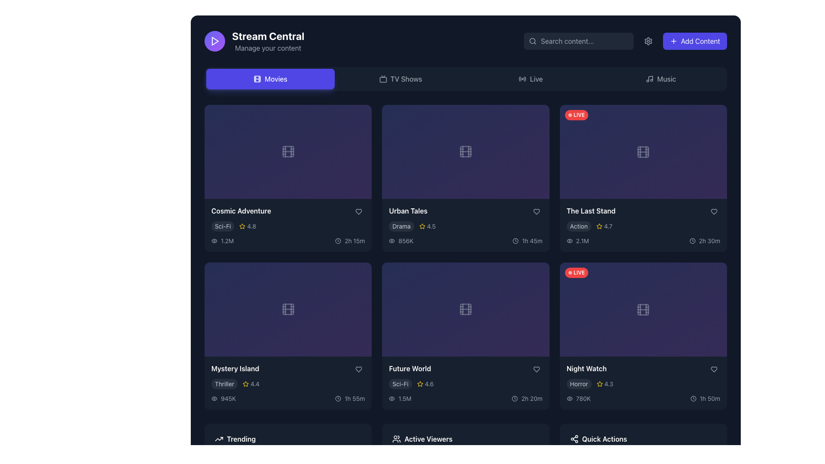 Image resolution: width=825 pixels, height=464 pixels. What do you see at coordinates (714, 369) in the screenshot?
I see `the heart-shaped icon button located at the bottom-right of the 'Night Watch' movie card to like or favorite the associated content` at bounding box center [714, 369].